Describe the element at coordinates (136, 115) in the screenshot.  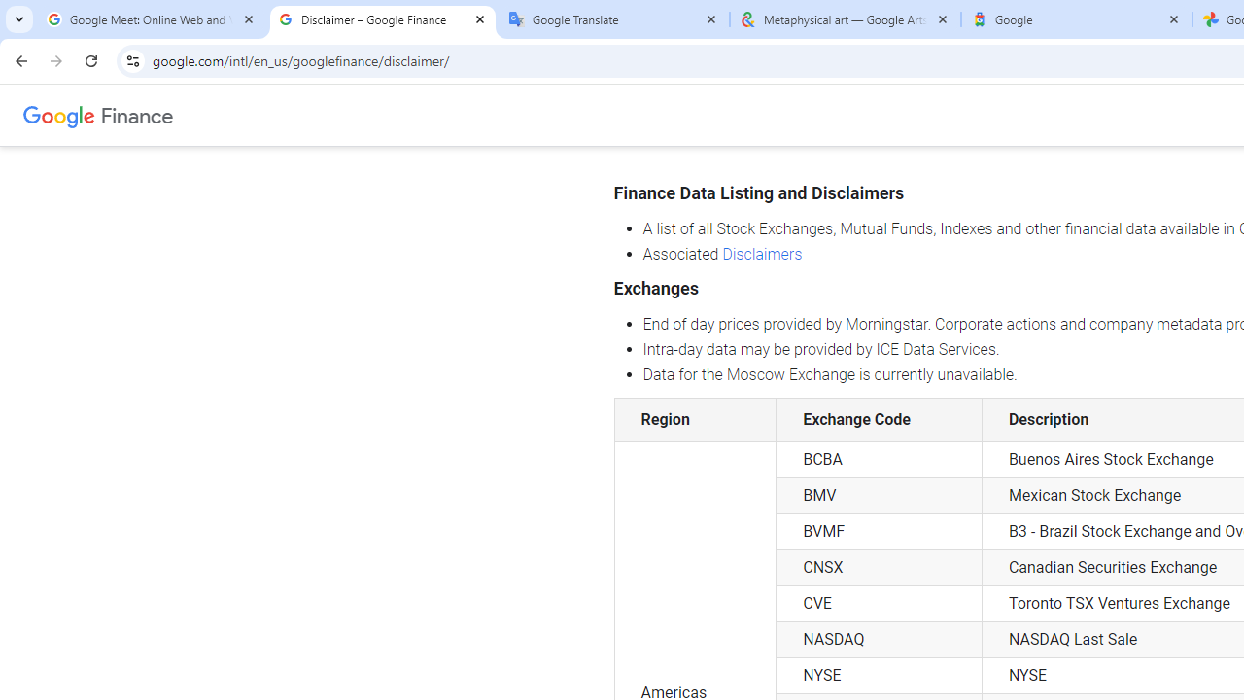
I see `'Finance'` at that location.